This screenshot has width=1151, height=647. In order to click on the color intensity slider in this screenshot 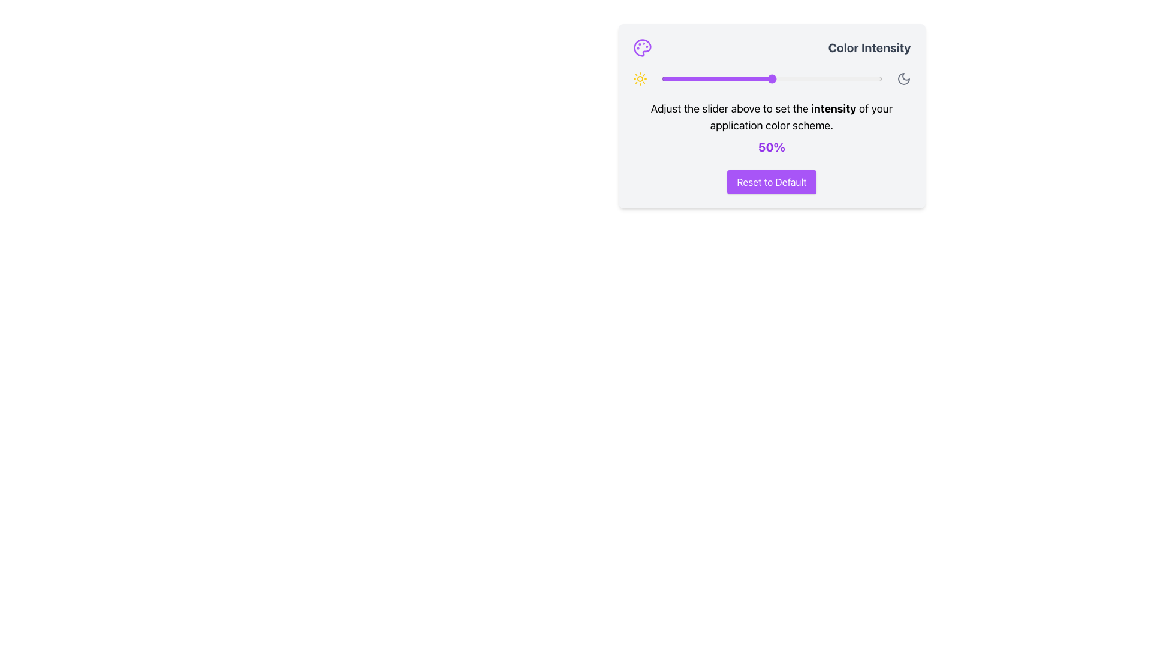, I will do `click(745, 78)`.